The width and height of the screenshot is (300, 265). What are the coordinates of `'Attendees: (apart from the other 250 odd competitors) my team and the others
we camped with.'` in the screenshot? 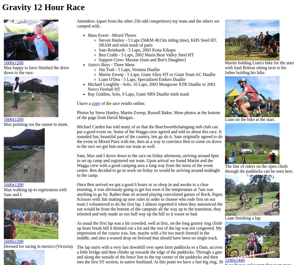 It's located at (77, 23).